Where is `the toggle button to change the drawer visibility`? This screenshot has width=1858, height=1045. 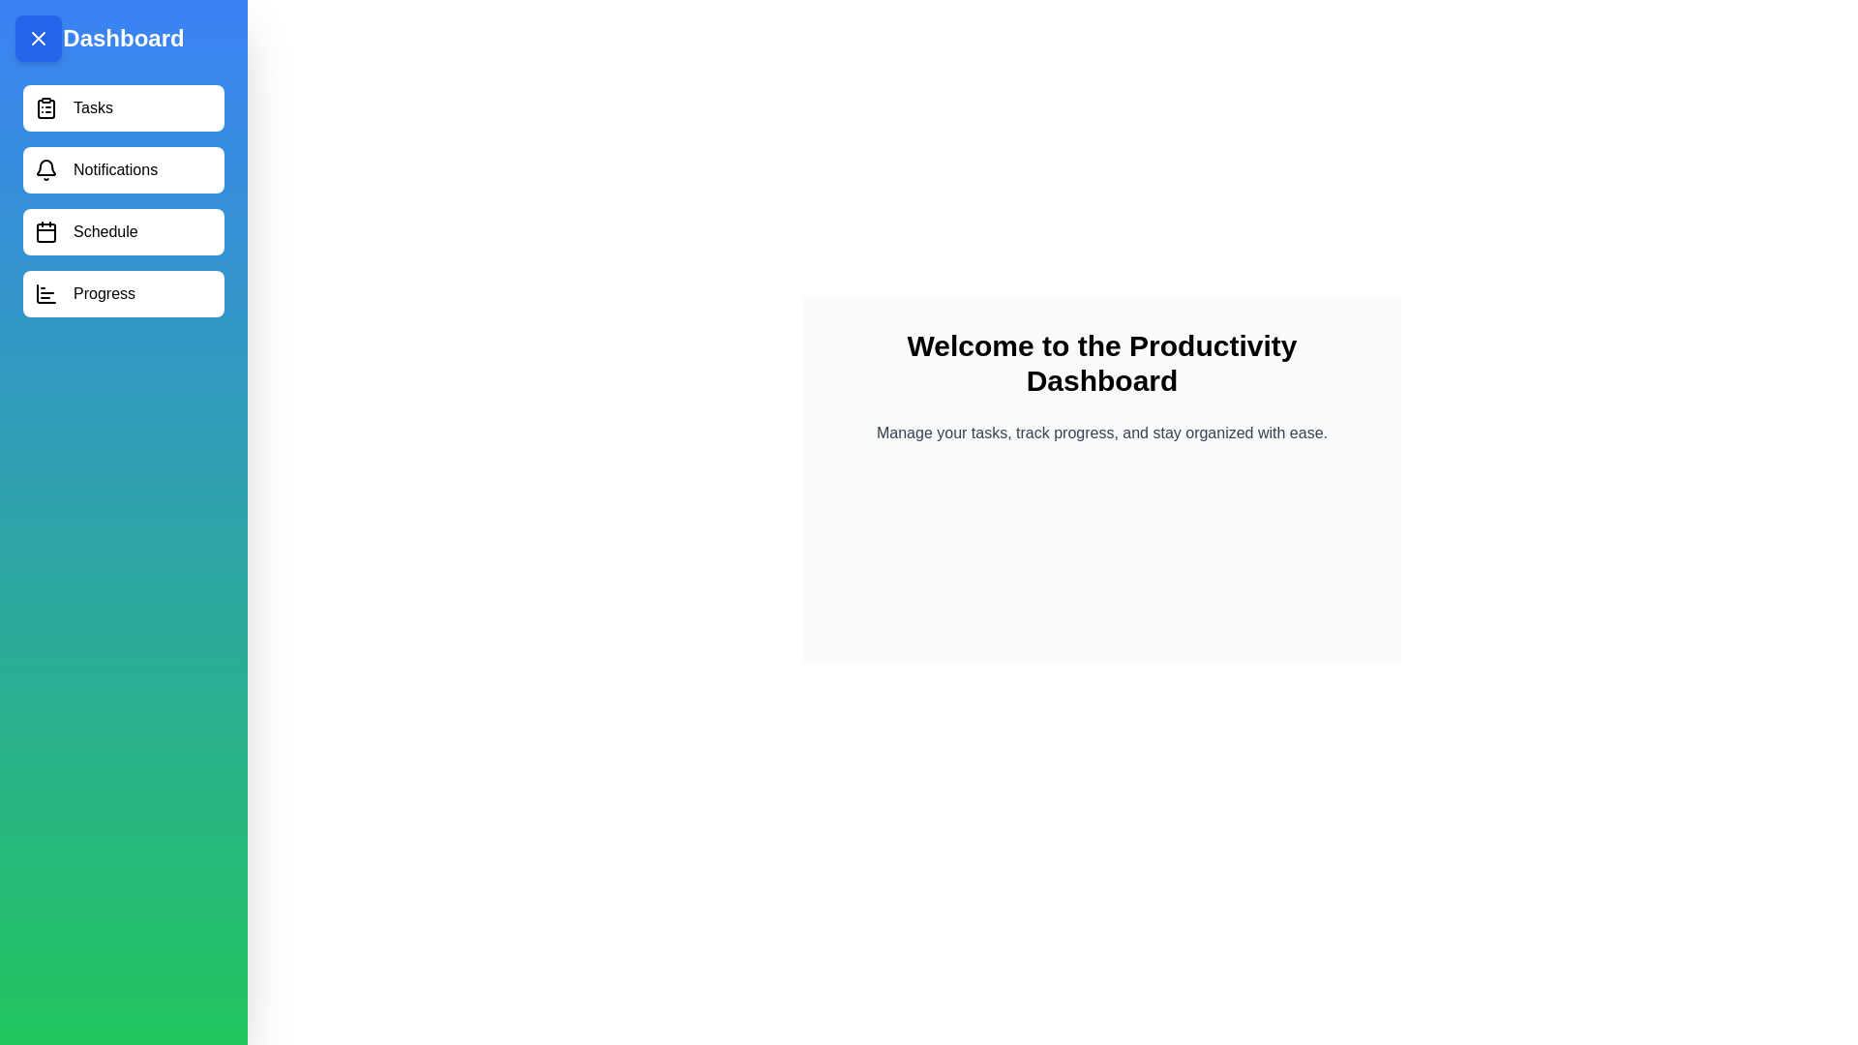
the toggle button to change the drawer visibility is located at coordinates (38, 38).